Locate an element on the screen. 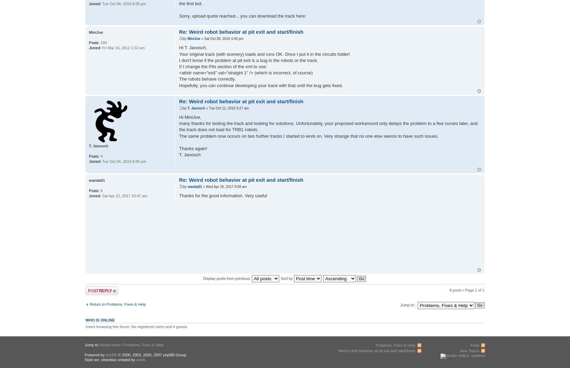 The width and height of the screenshot is (570, 368). 'Feed' is located at coordinates (475, 345).